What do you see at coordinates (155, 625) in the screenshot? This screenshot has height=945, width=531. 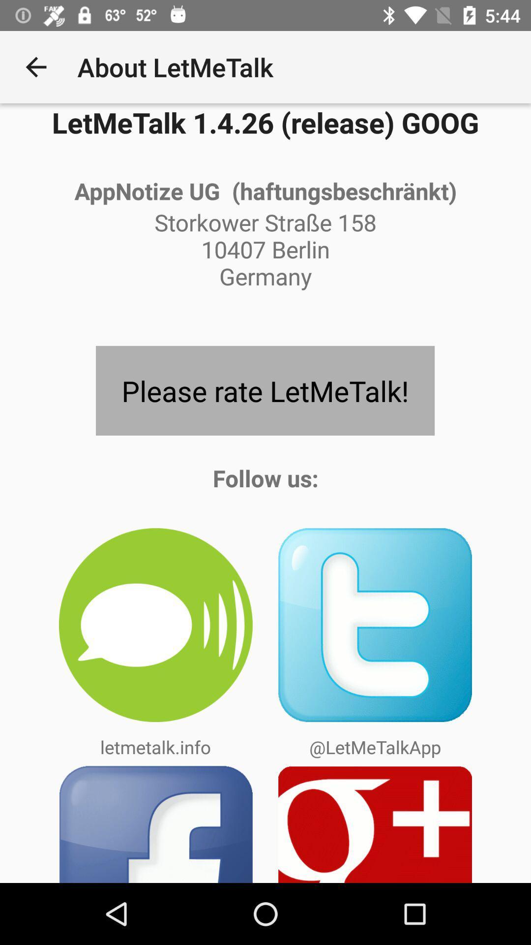 I see `follow on letmtalk.info` at bounding box center [155, 625].